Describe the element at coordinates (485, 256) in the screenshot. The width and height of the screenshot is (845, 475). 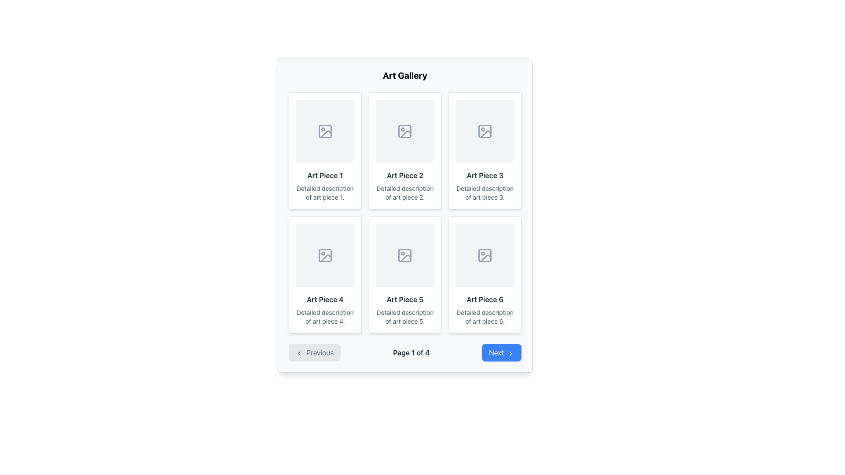
I see `the image placeholder with a light gray background and an image frame icon located in the topmost section of the 'Art Piece 6' card, situated in the bottom-right corner of the grid` at that location.